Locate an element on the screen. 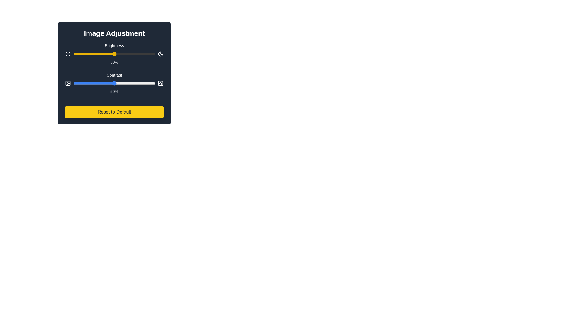 This screenshot has height=317, width=563. the brightness is located at coordinates (105, 54).